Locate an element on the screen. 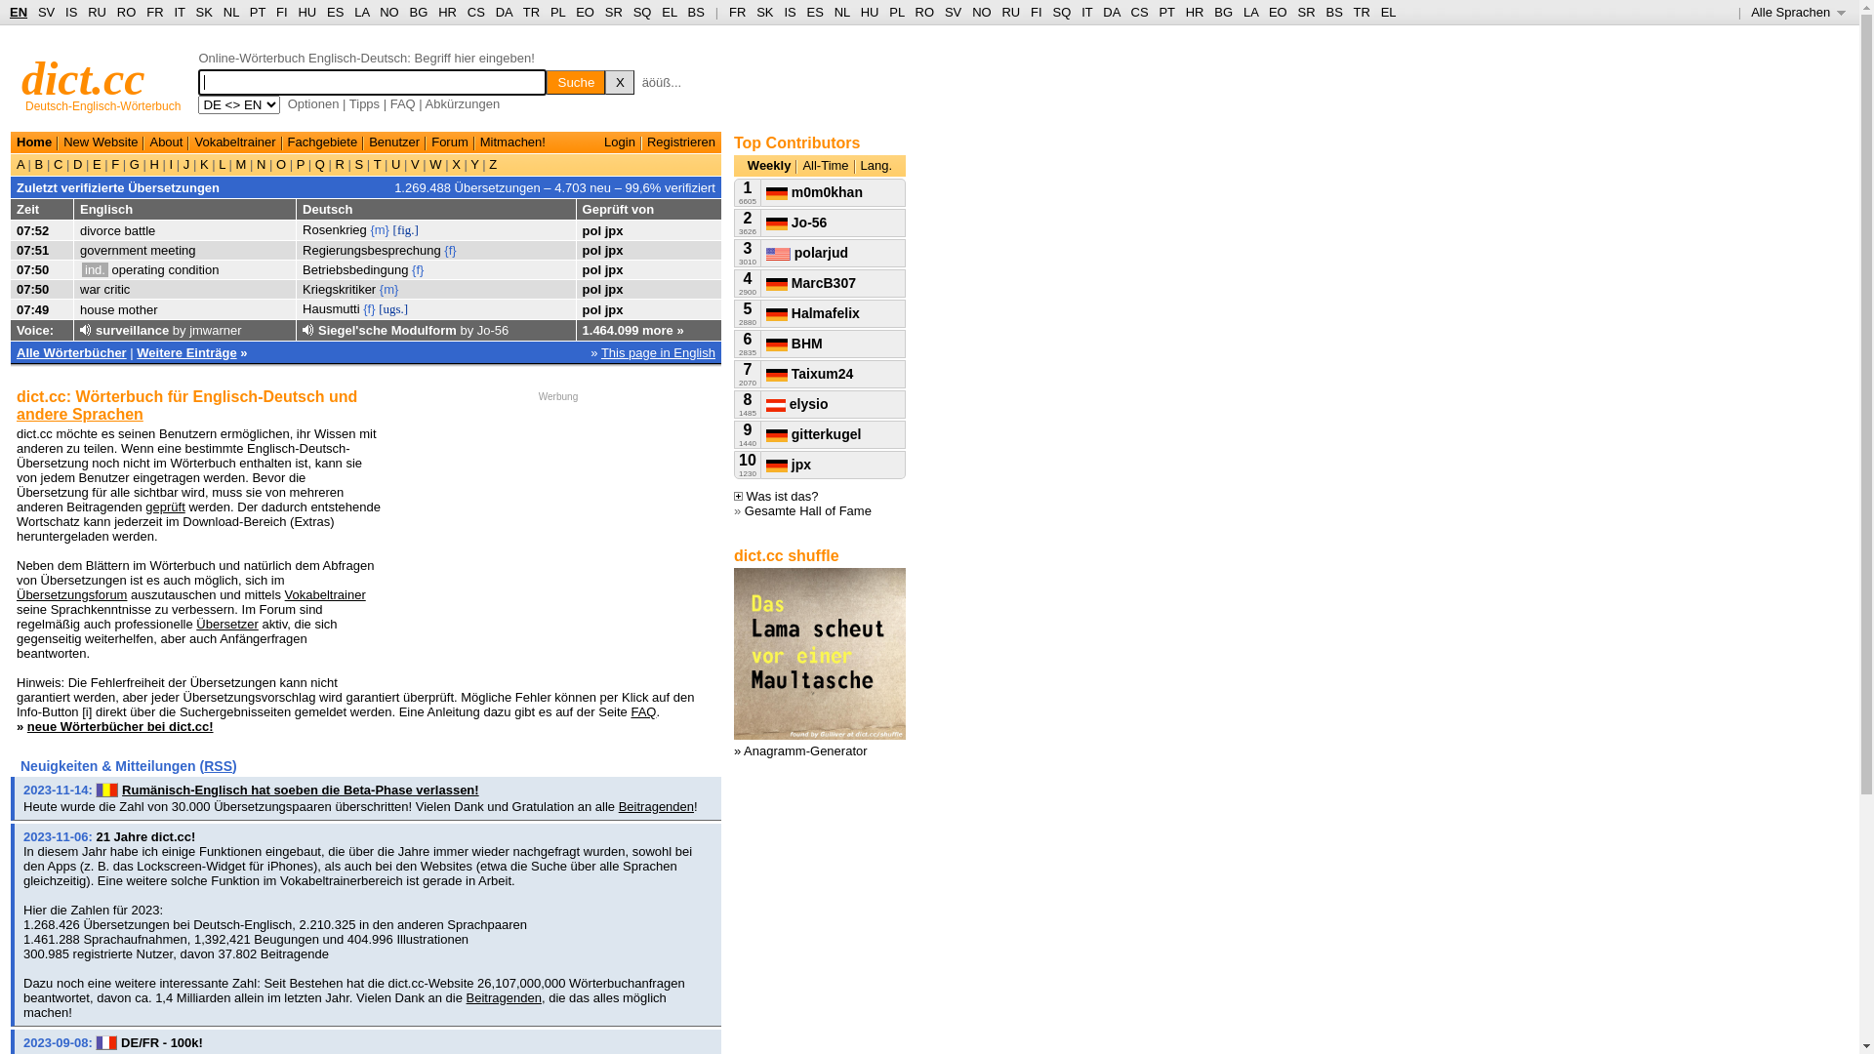 This screenshot has width=1874, height=1054. 'N' is located at coordinates (260, 163).